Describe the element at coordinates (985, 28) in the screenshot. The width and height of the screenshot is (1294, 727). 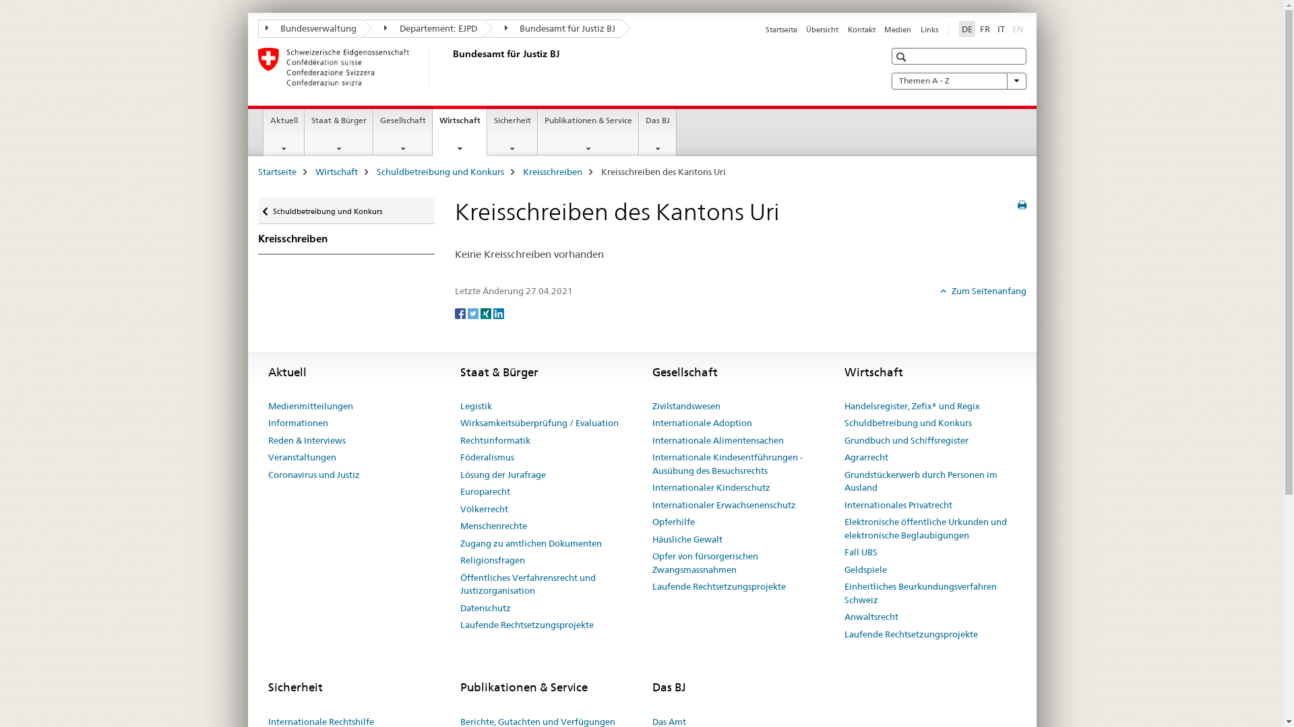
I see `'FR'` at that location.